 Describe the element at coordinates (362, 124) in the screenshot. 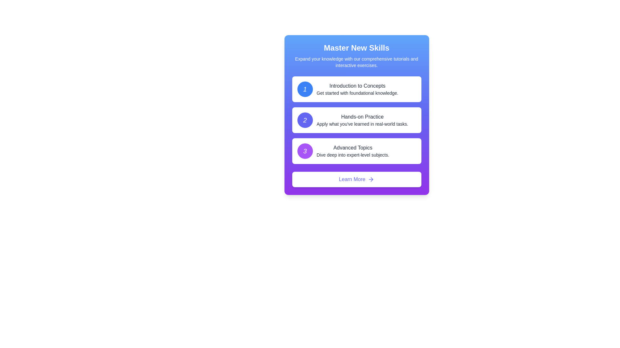

I see `the text element reading 'Apply what you've learned in real-world tasks.' which is centrally aligned below the title 'Hands-on Practice' inside a rounded rectangular card on a gradient blue-to-purple background` at that location.